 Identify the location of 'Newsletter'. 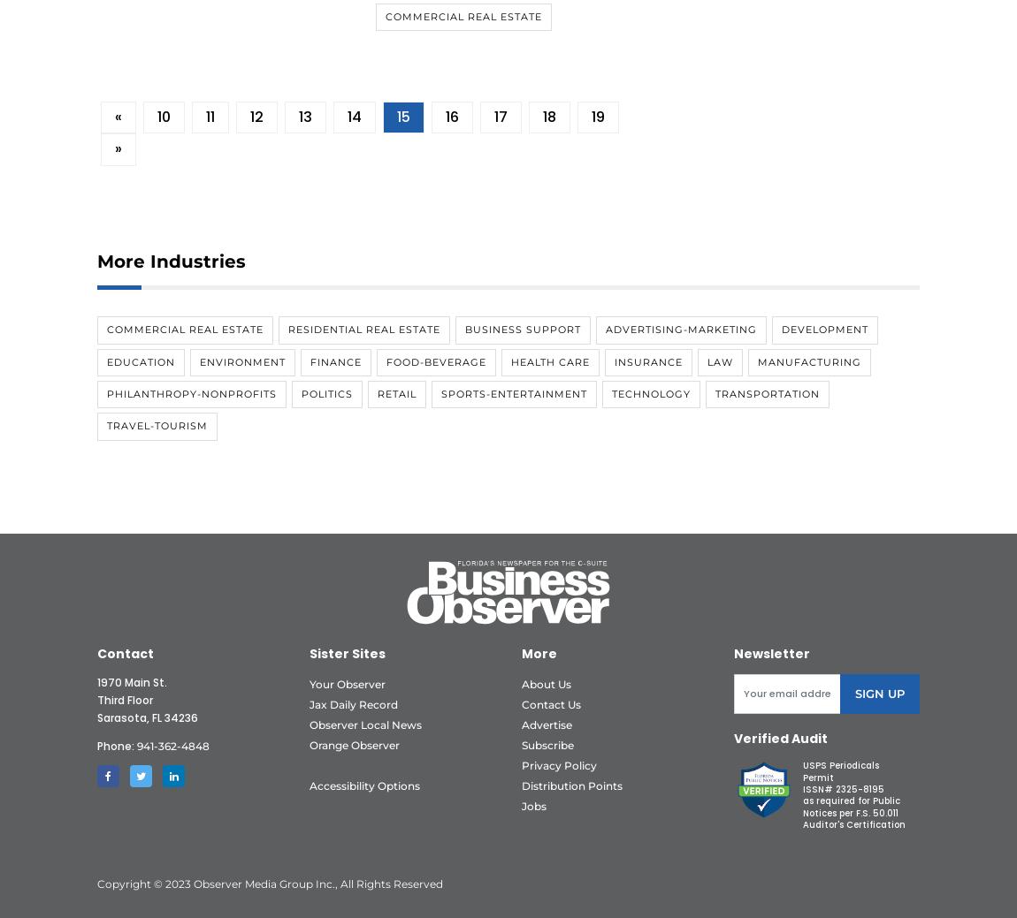
(771, 652).